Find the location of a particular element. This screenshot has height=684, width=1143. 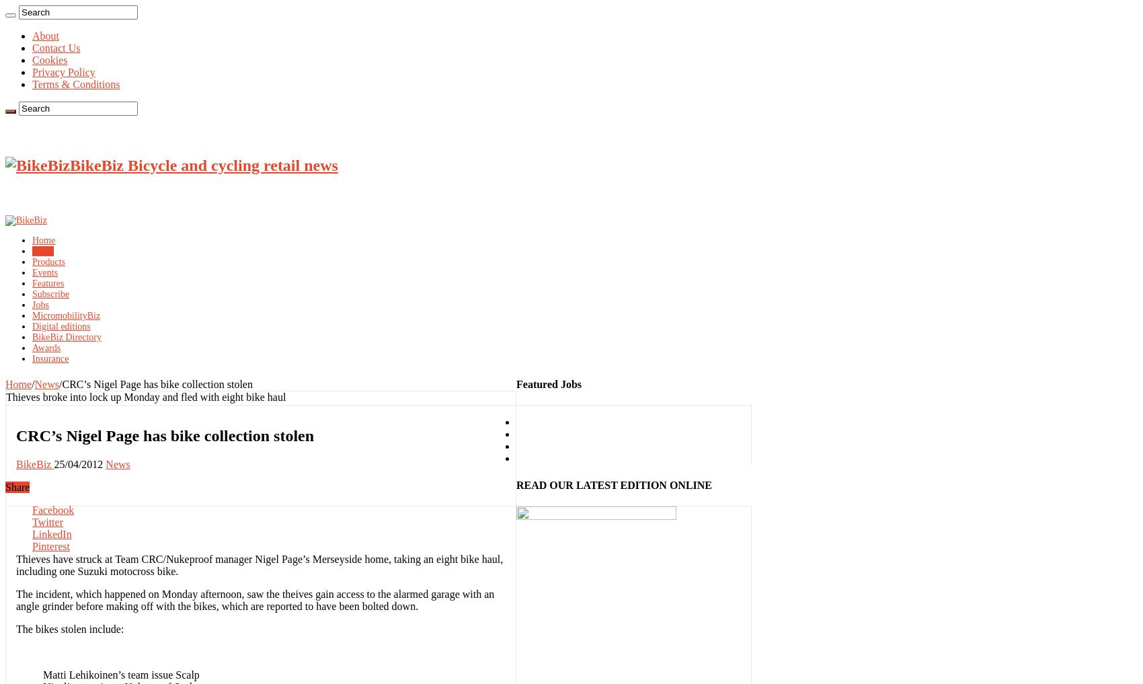

'Twitter' is located at coordinates (47, 521).